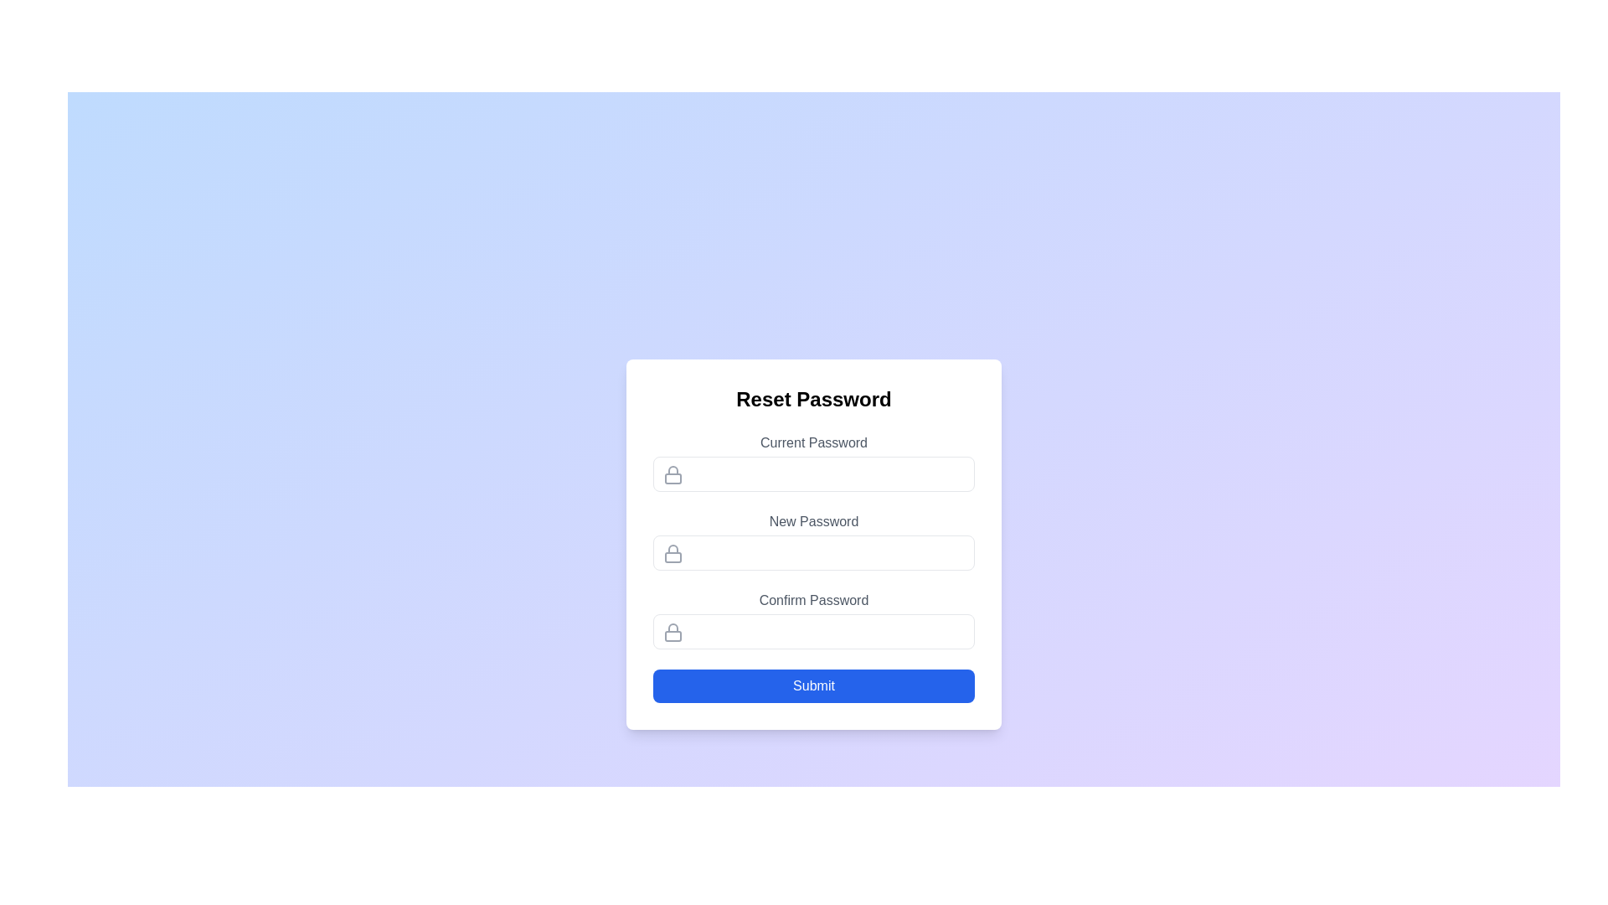 This screenshot has width=1608, height=905. What do you see at coordinates (673, 557) in the screenshot?
I see `the lower portion of the gray lock icon, which is a rounded rectangle located below the lock's shackle and next to the 'New Password' input field` at bounding box center [673, 557].